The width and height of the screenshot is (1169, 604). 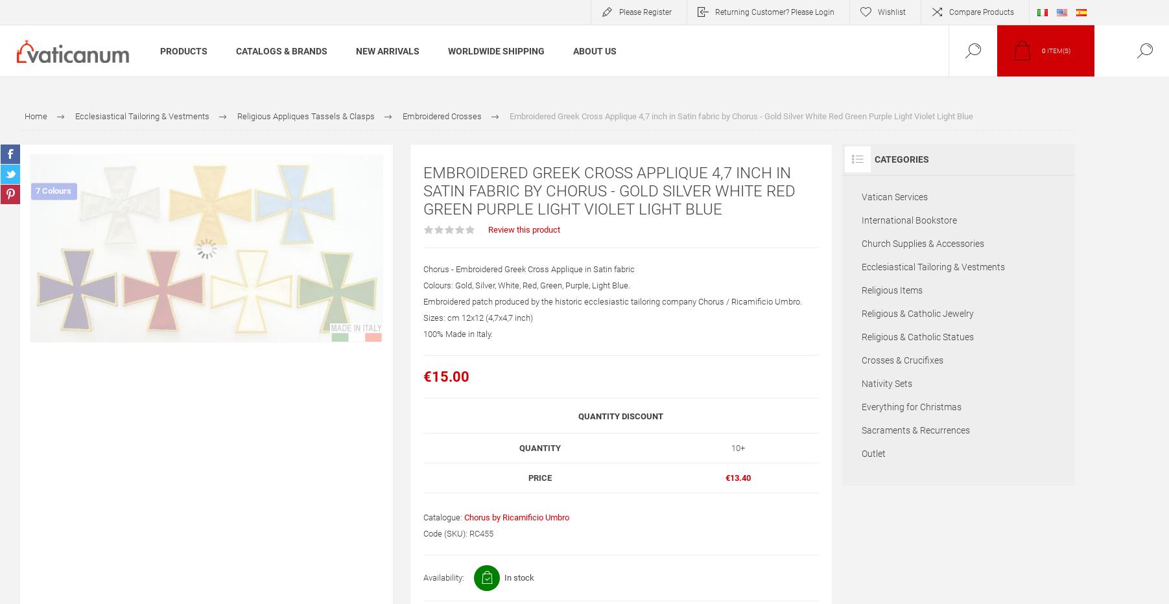 What do you see at coordinates (496, 51) in the screenshot?
I see `'Worldwide Shipping'` at bounding box center [496, 51].